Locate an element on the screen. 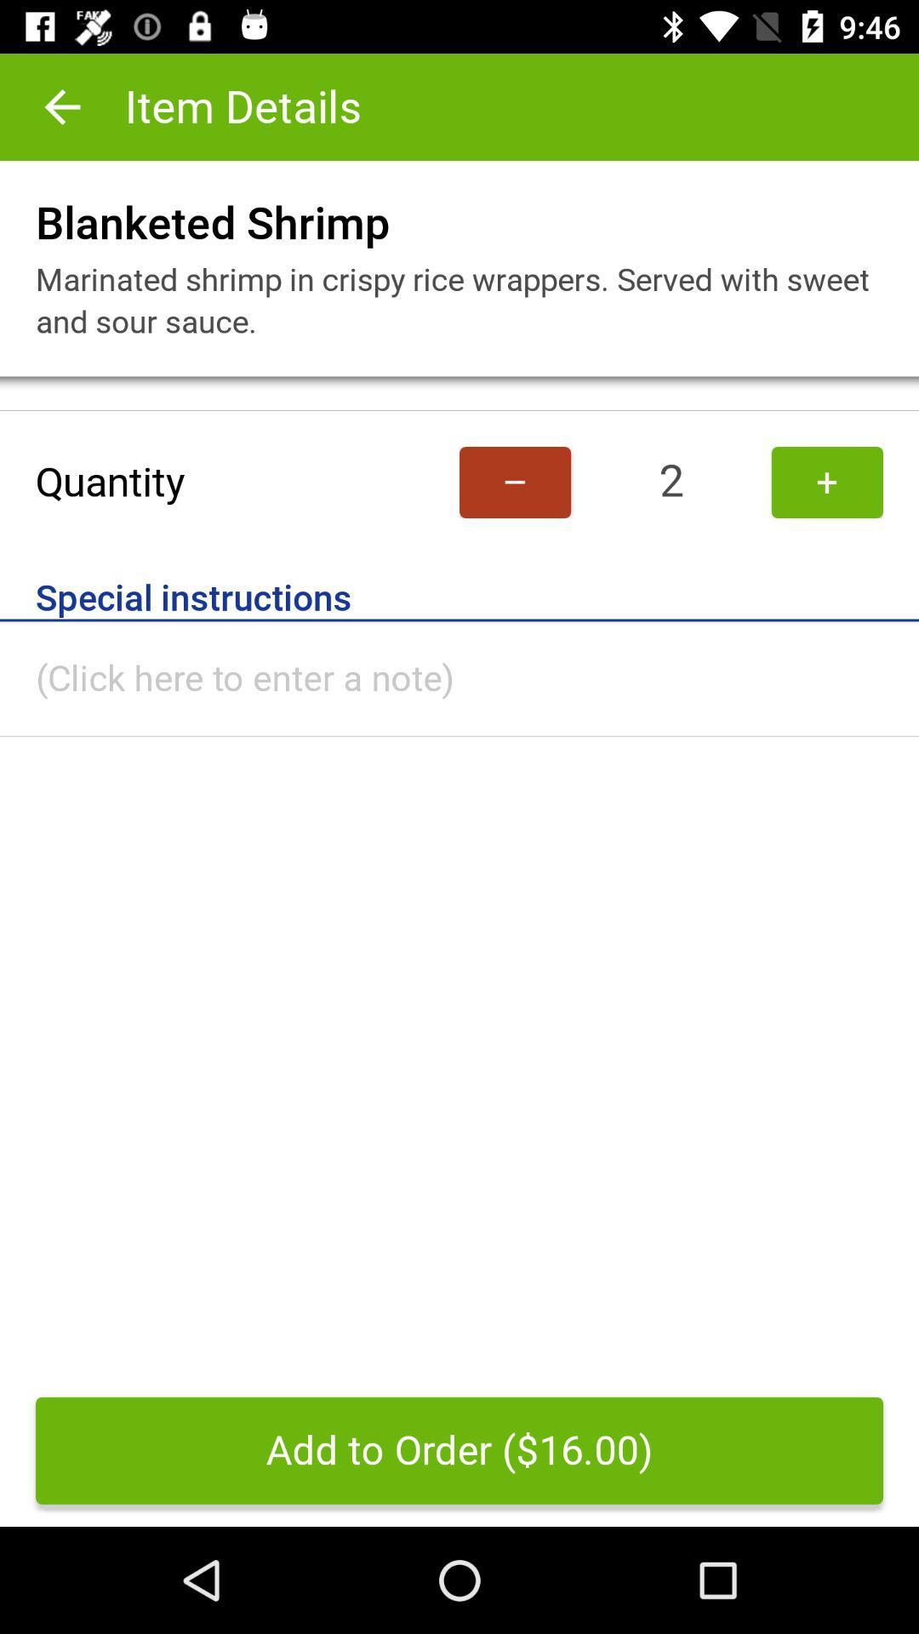 The height and width of the screenshot is (1634, 919). the icon above the blanketed shrimp icon is located at coordinates (61, 106).